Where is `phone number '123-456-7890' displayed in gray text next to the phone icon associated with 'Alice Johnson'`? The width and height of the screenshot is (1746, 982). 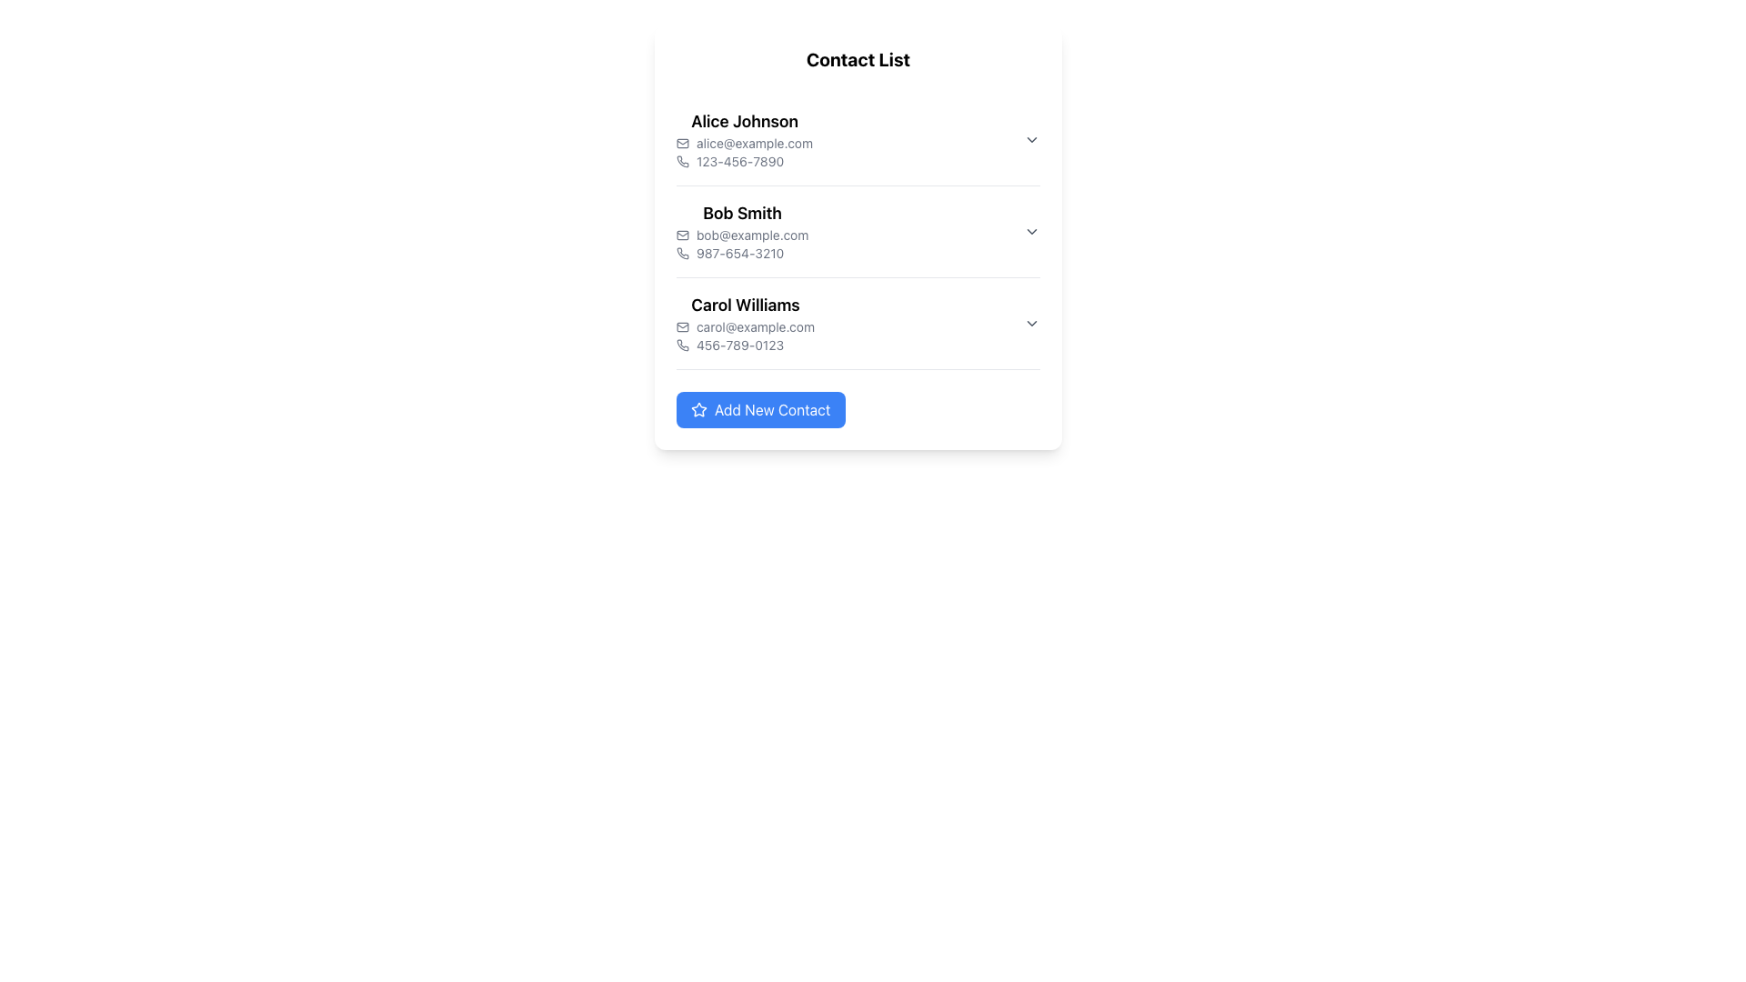
phone number '123-456-7890' displayed in gray text next to the phone icon associated with 'Alice Johnson' is located at coordinates (745, 160).